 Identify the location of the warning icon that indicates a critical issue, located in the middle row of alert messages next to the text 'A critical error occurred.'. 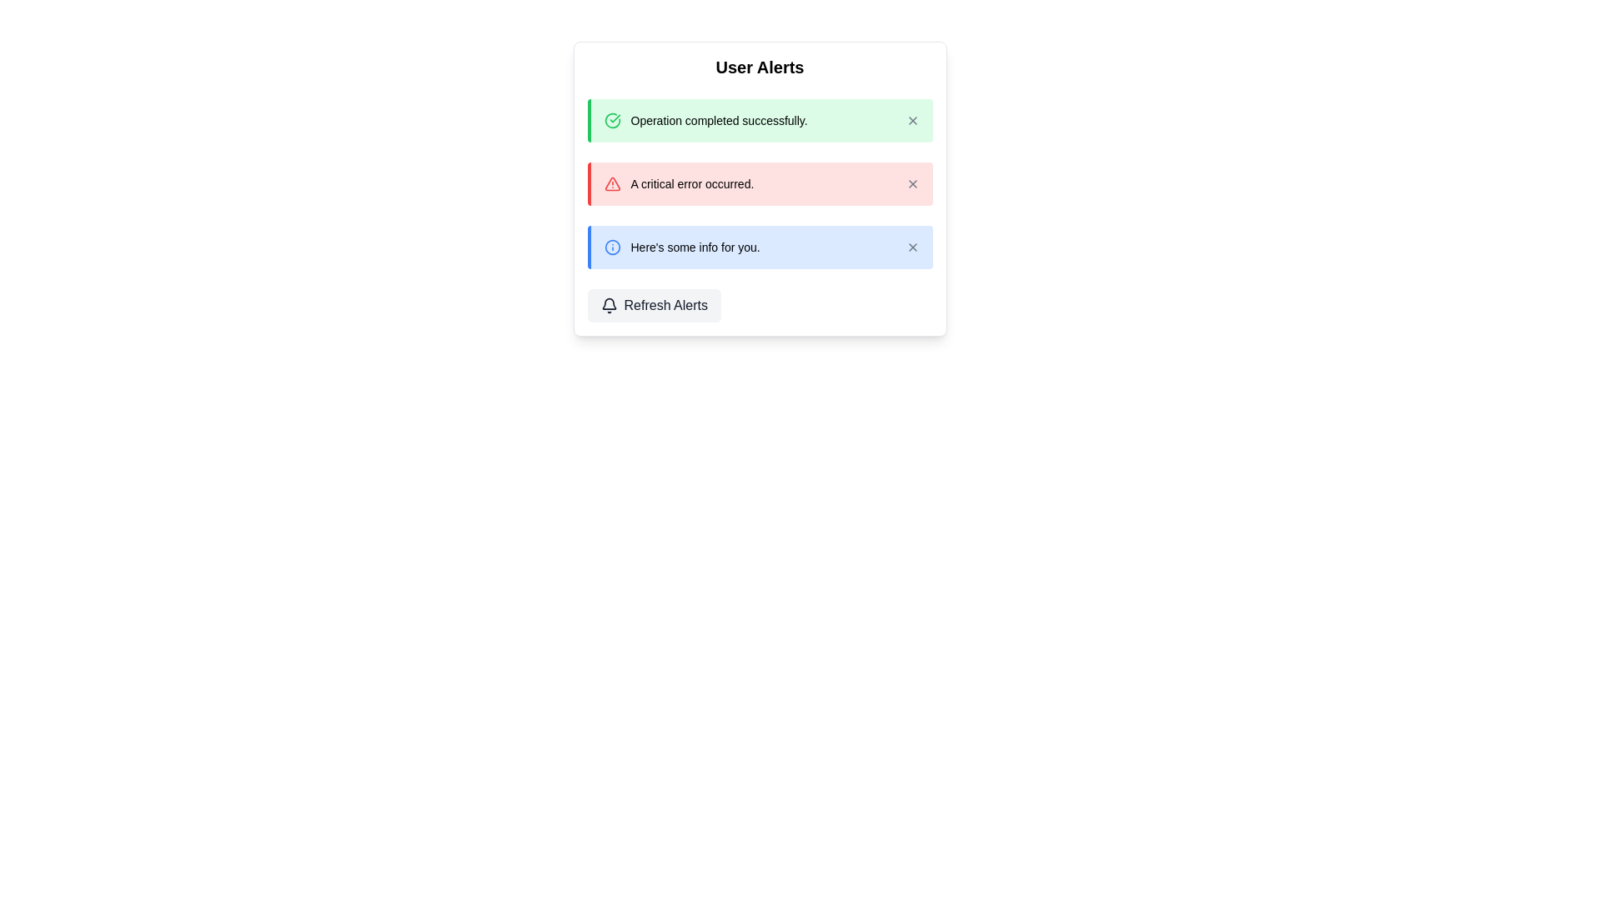
(611, 183).